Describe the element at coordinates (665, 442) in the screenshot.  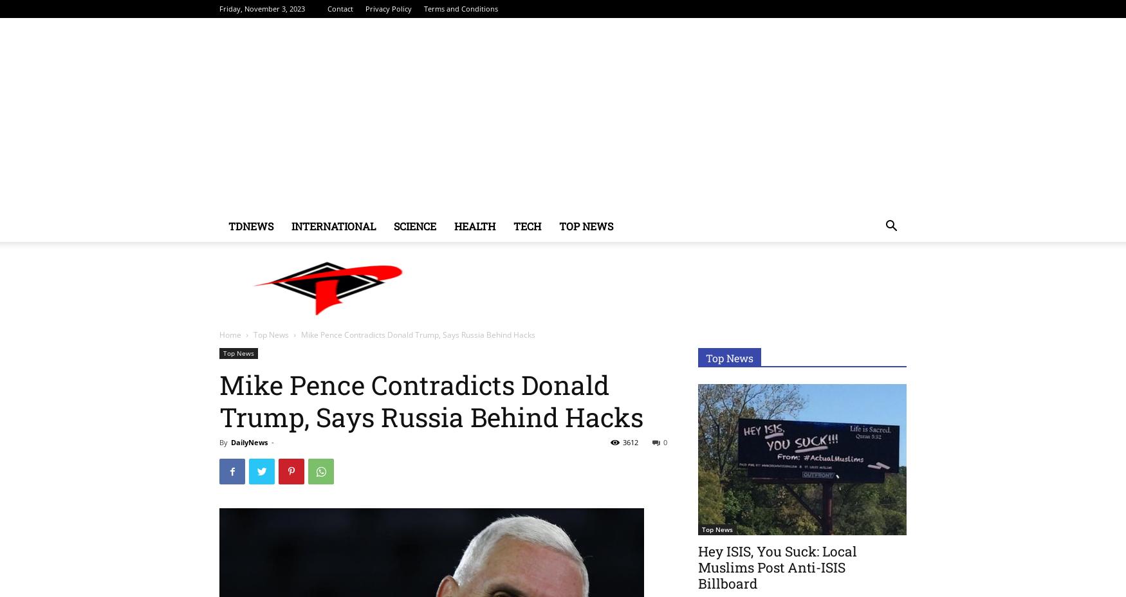
I see `'0'` at that location.